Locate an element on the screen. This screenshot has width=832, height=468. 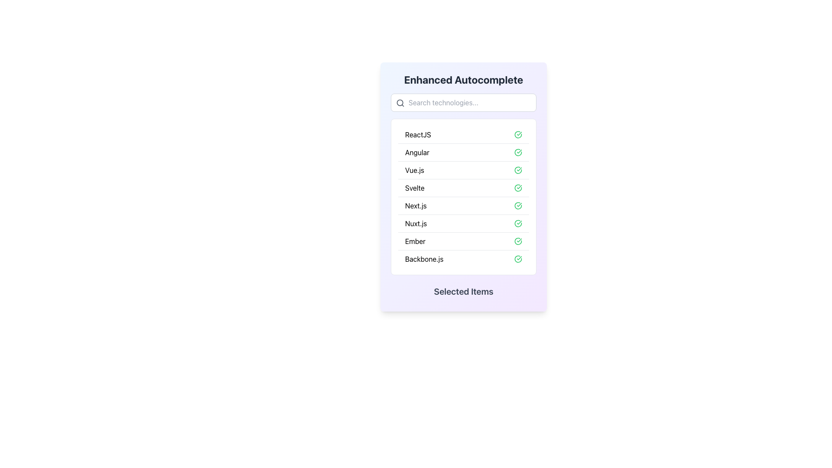
the green checkmark icon inside a circle, located to the right of the 'Angular' list entry is located at coordinates (518, 152).